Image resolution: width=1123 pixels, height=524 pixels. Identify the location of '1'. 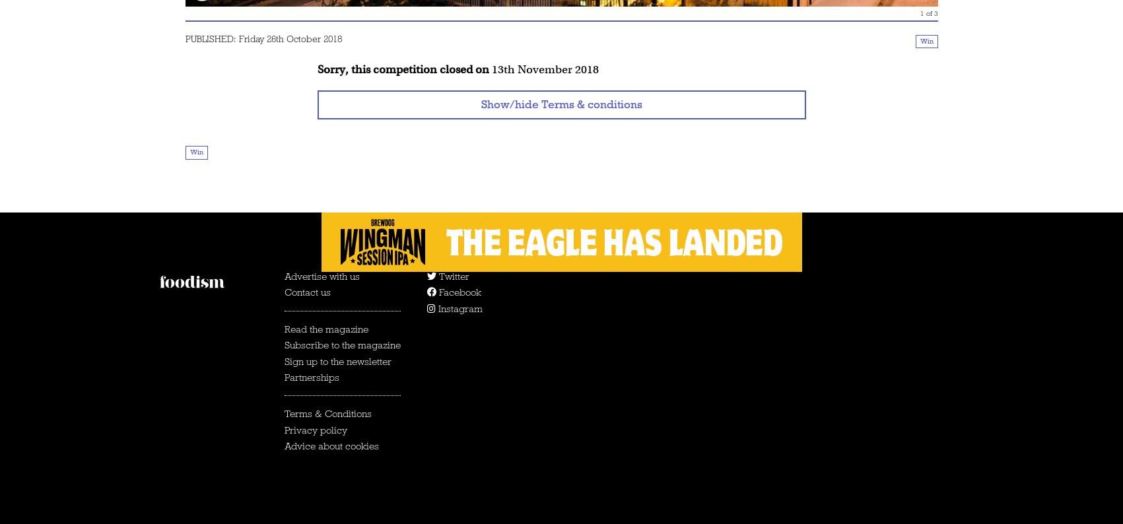
(921, 12).